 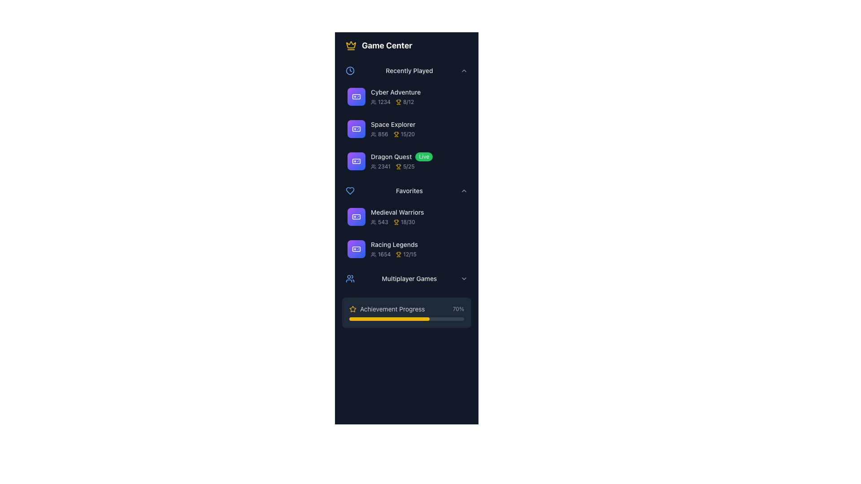 I want to click on the small gray icon resembling a group of people located in the 'Favorites' section next to the text '1654' under the game titled 'Racing Legends', so click(x=374, y=254).